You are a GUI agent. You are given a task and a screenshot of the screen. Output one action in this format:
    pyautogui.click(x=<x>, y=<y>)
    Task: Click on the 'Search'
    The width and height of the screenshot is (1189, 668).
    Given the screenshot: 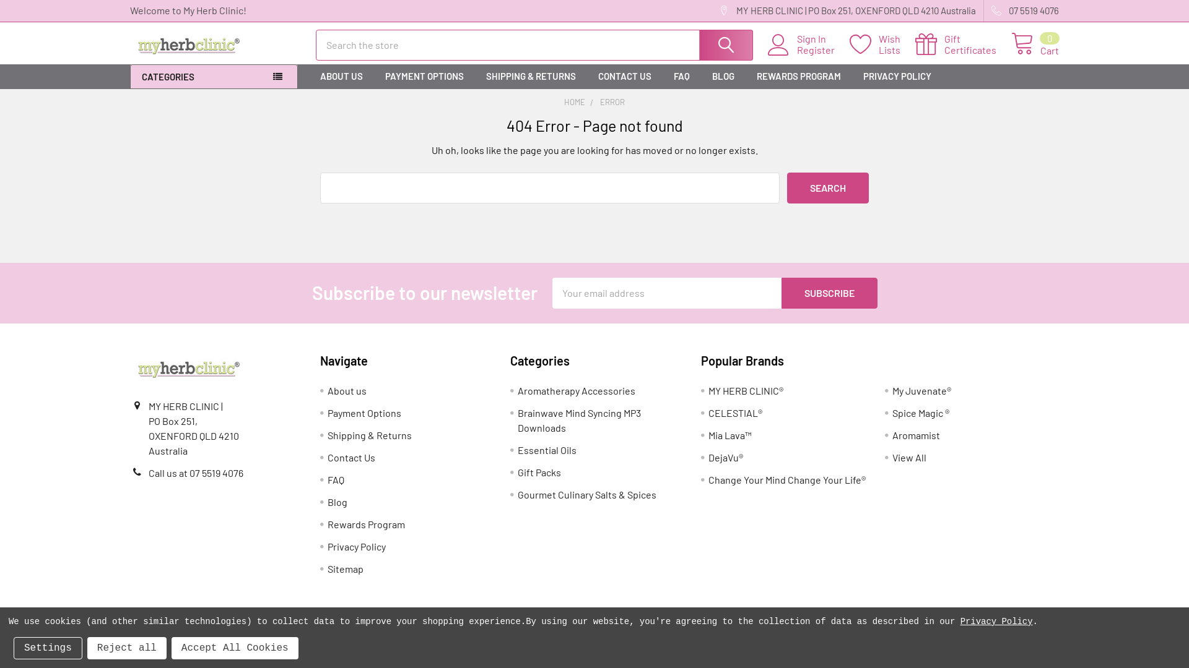 What is the action you would take?
    pyautogui.click(x=725, y=45)
    